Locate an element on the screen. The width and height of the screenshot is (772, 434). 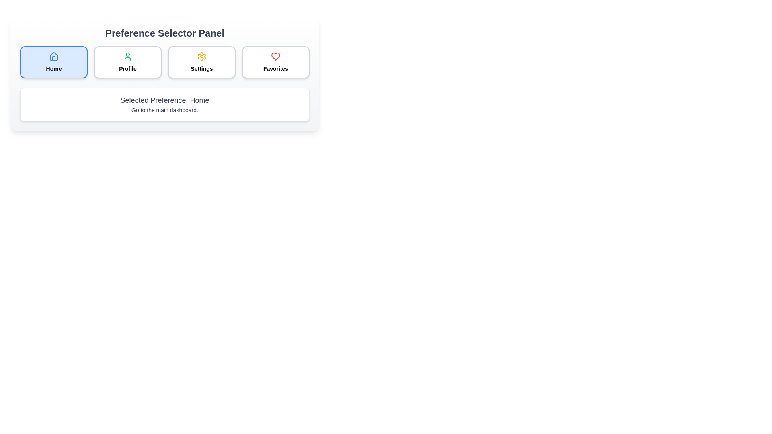
the heart icon representing 'Favorites', which is located at the top center of the button labeled 'Favorites' in the top-right section of the interface is located at coordinates (276, 56).